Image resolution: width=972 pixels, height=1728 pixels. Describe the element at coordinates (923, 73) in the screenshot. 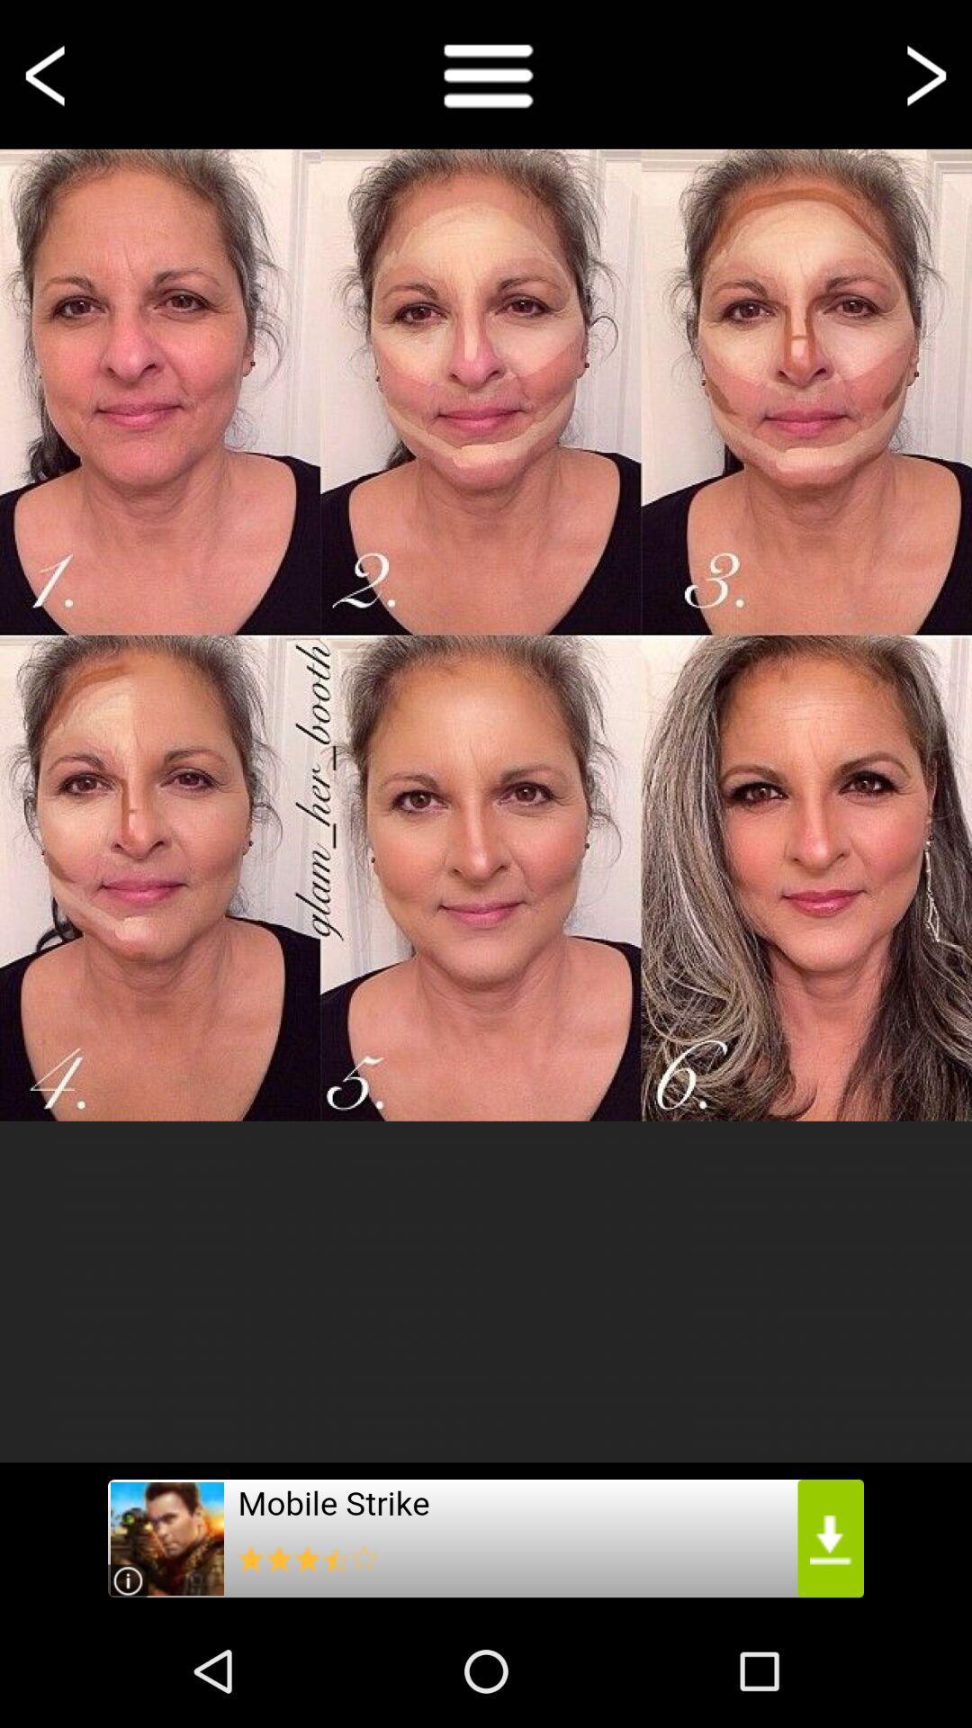

I see `go foward` at that location.